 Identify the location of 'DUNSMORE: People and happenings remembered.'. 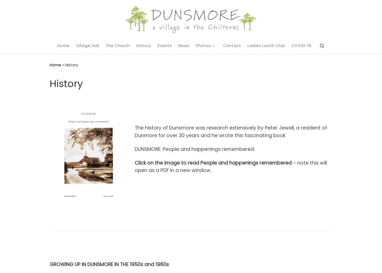
(194, 149).